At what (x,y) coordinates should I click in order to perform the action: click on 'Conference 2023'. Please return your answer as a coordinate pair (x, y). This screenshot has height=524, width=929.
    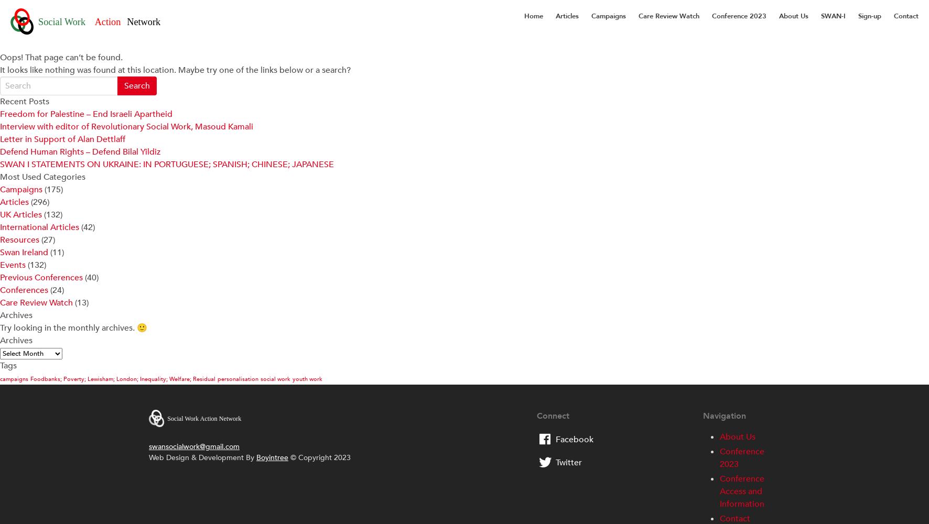
    Looking at the image, I should click on (741, 457).